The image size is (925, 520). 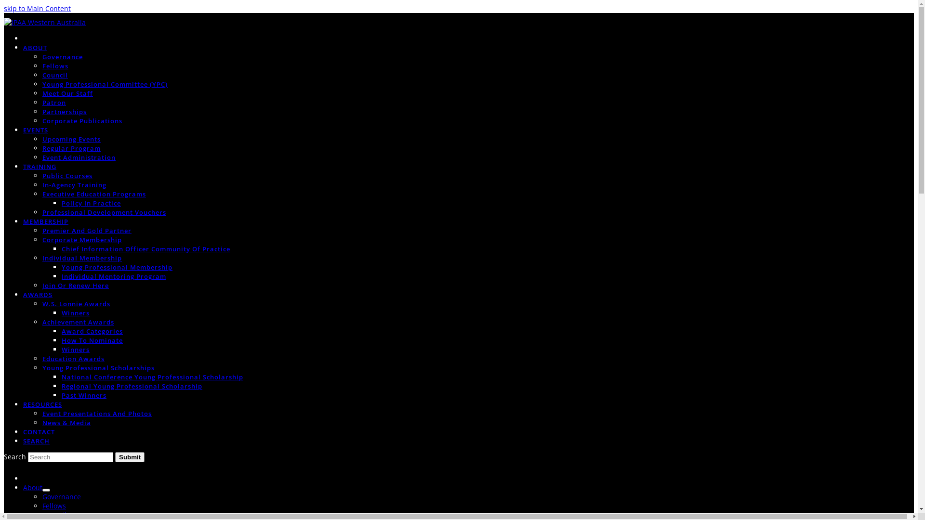 What do you see at coordinates (45, 221) in the screenshot?
I see `'MEMBERSHIP'` at bounding box center [45, 221].